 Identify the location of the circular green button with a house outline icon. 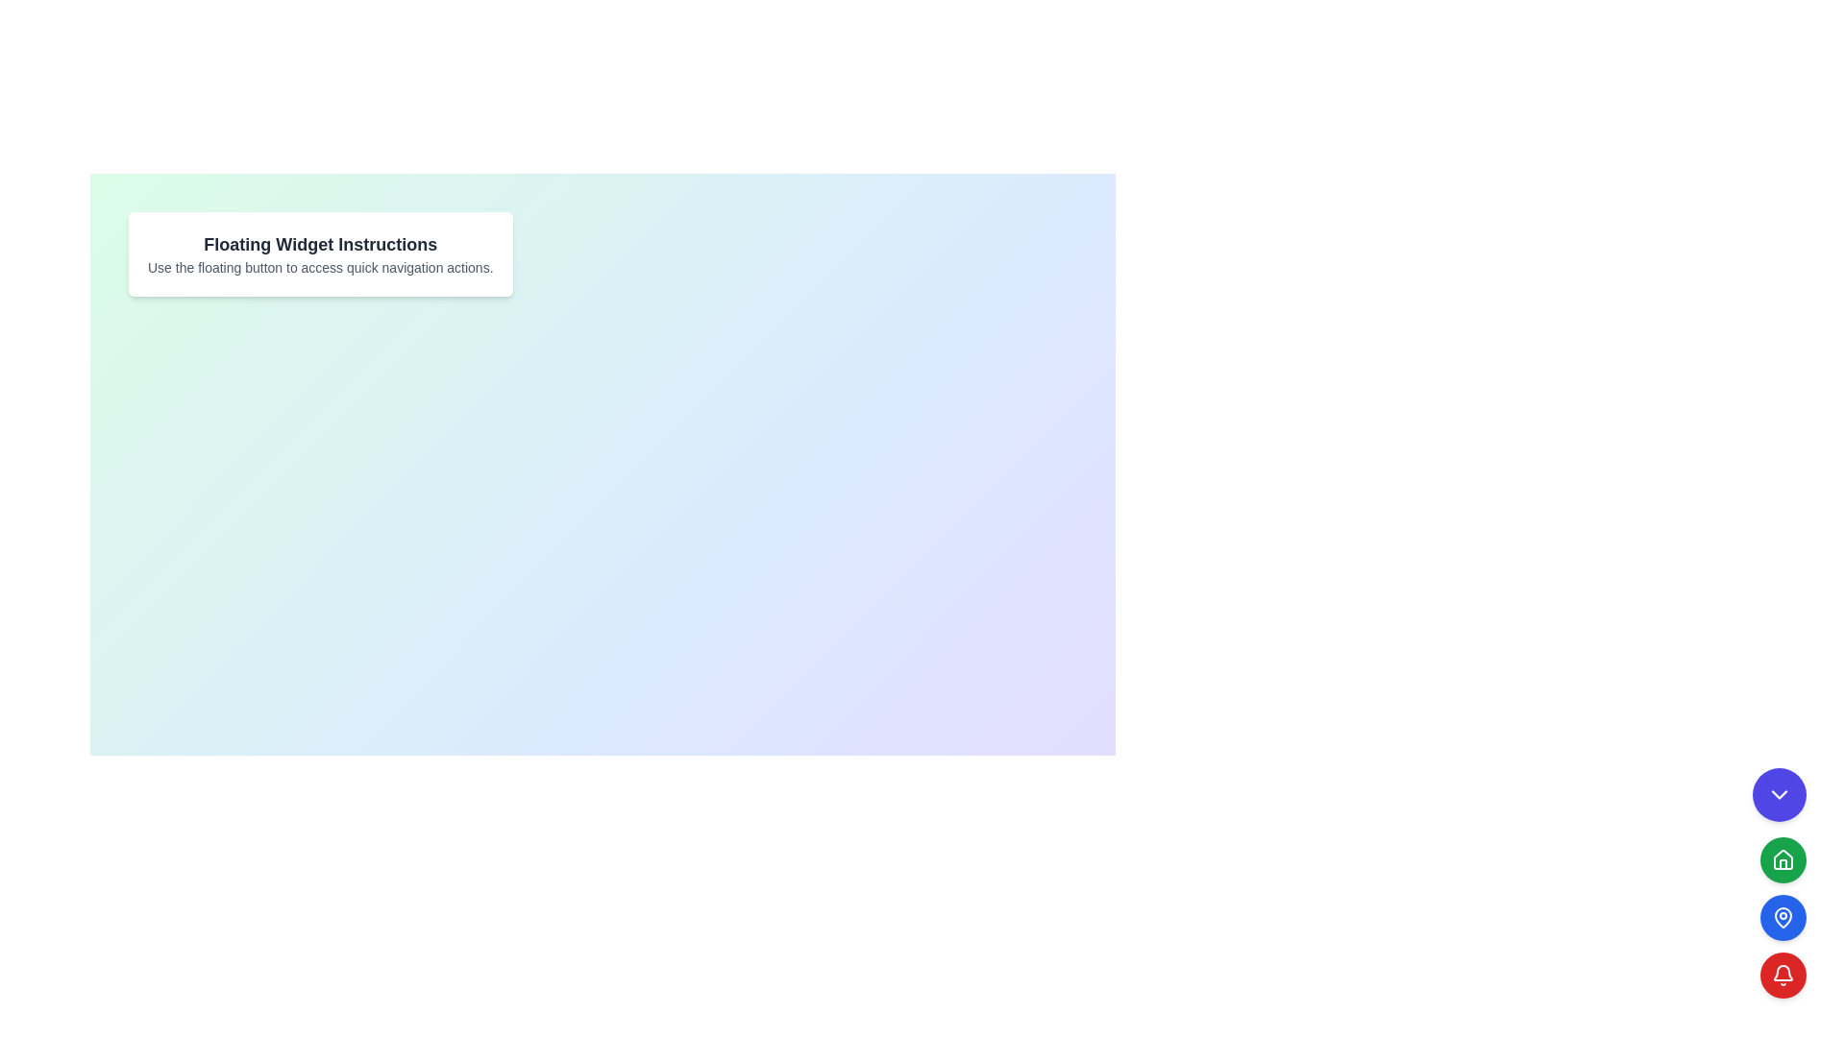
(1783, 858).